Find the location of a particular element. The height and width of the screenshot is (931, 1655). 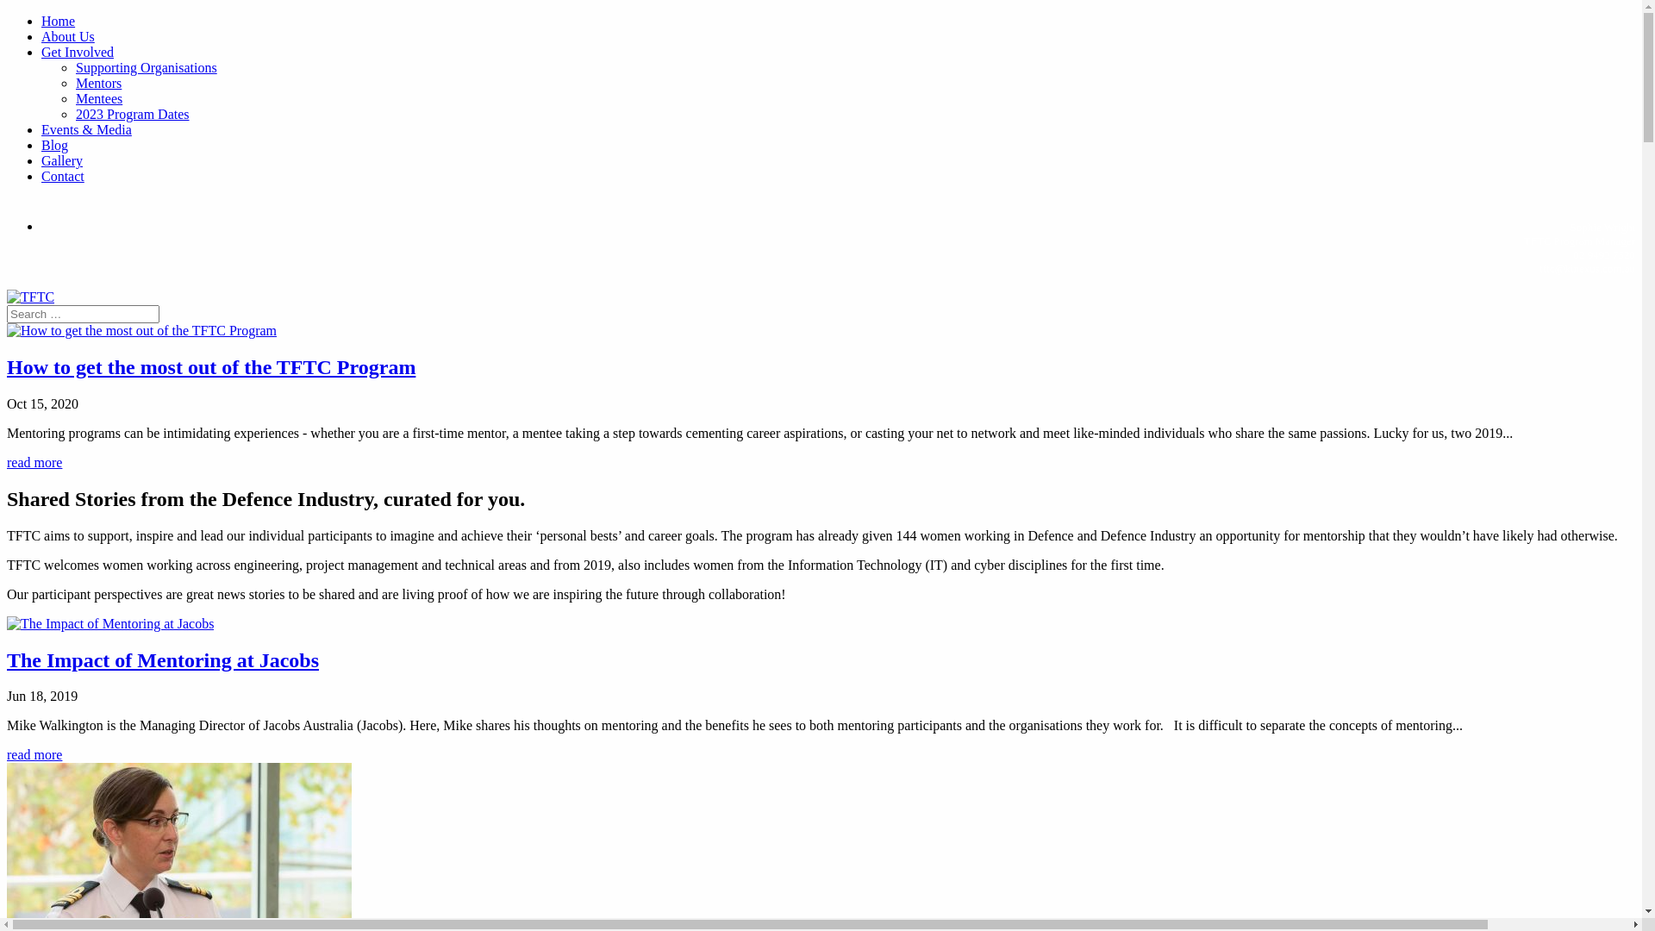

'Contact' is located at coordinates (62, 176).